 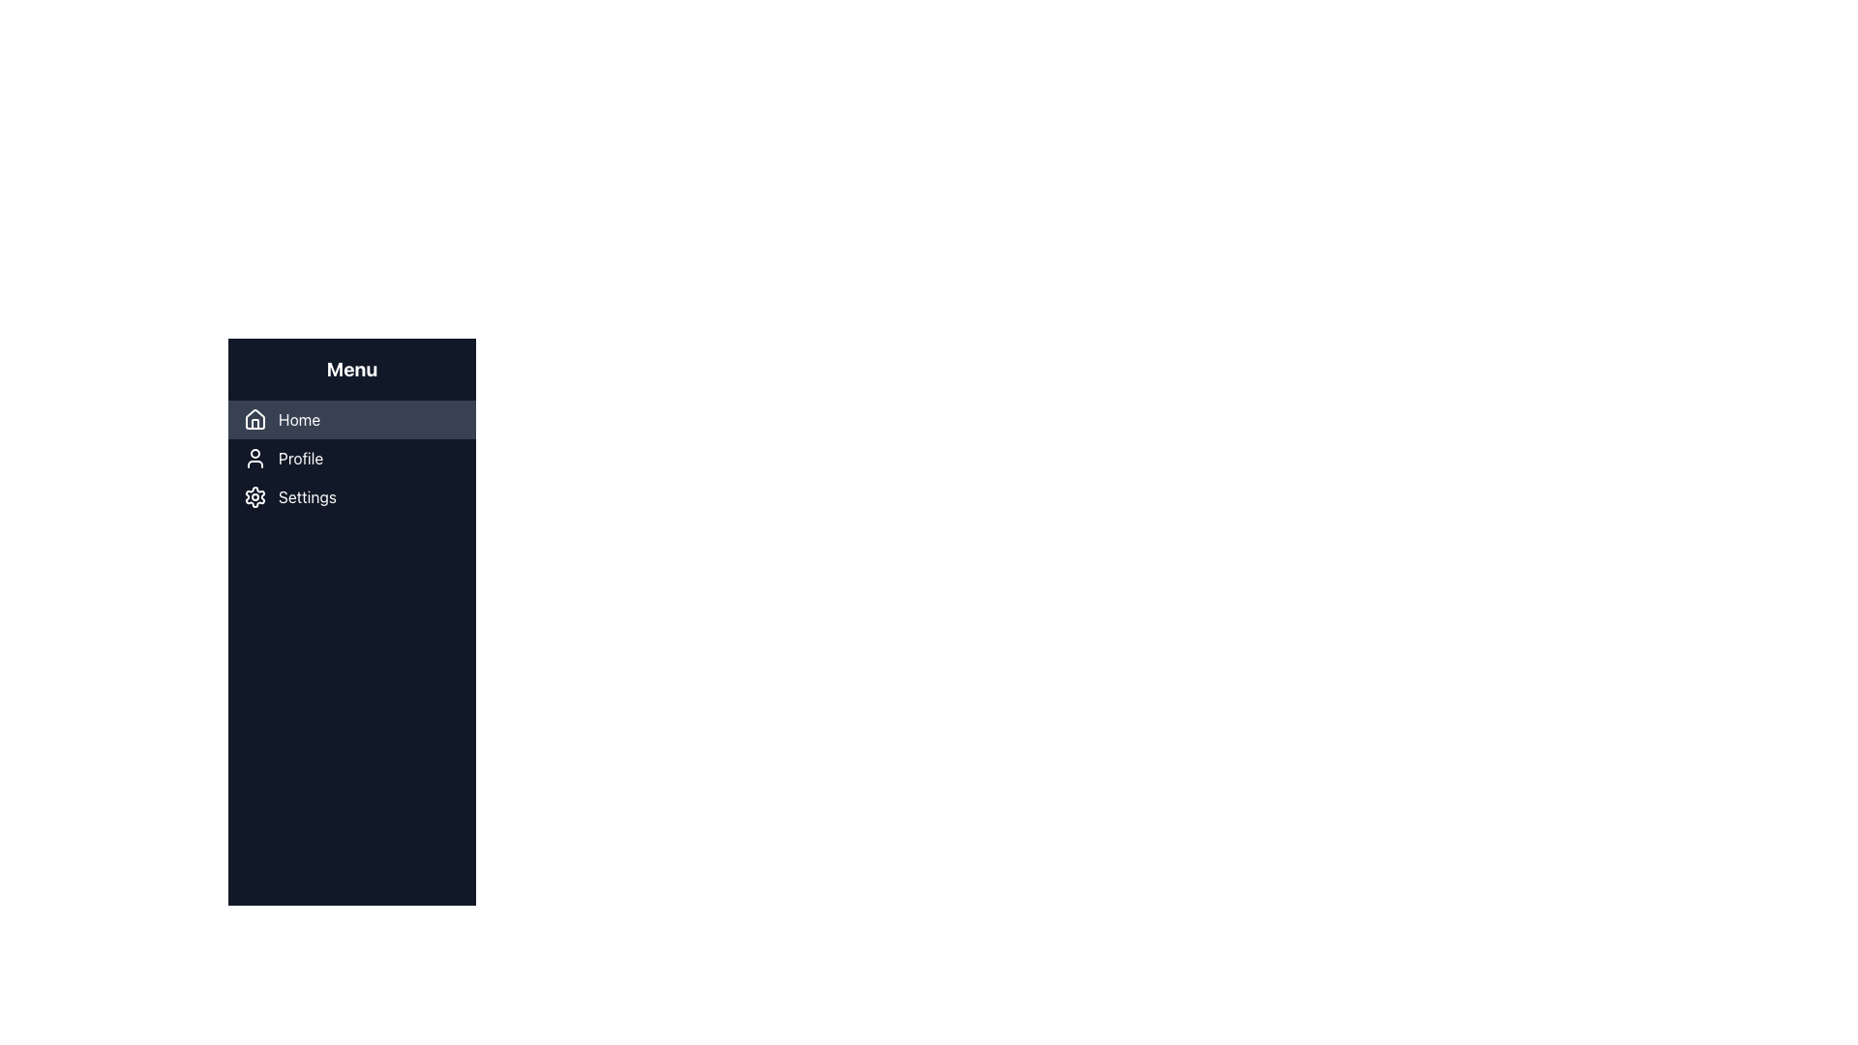 I want to click on the cogwheel icon in the sidebar menu under the 'Settings' label, which is the third item in the menu list, so click(x=255, y=495).